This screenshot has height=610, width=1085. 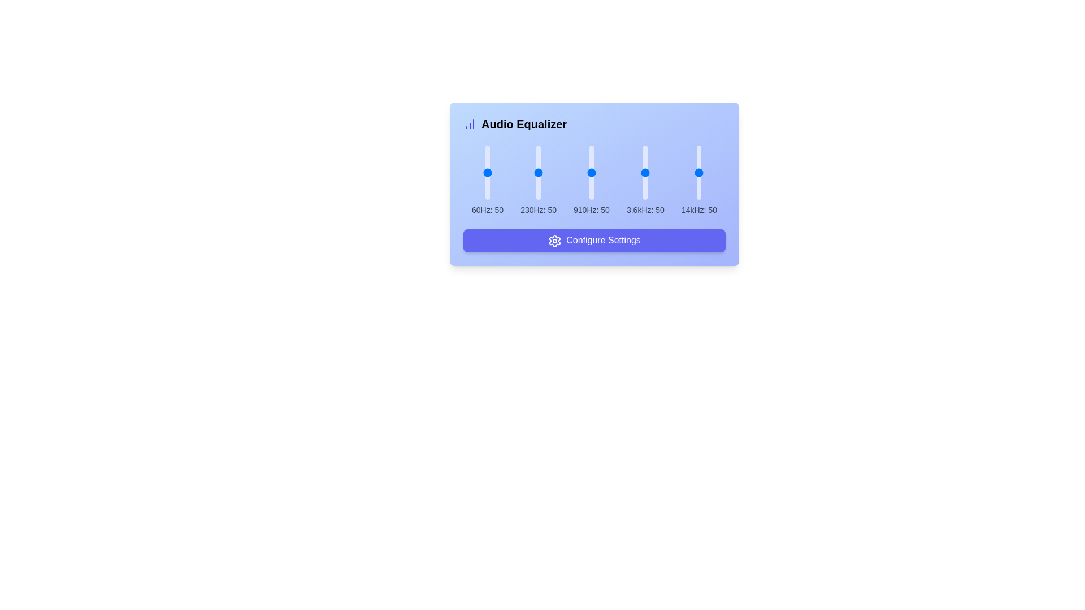 What do you see at coordinates (645, 162) in the screenshot?
I see `the 3.6kHz slider` at bounding box center [645, 162].